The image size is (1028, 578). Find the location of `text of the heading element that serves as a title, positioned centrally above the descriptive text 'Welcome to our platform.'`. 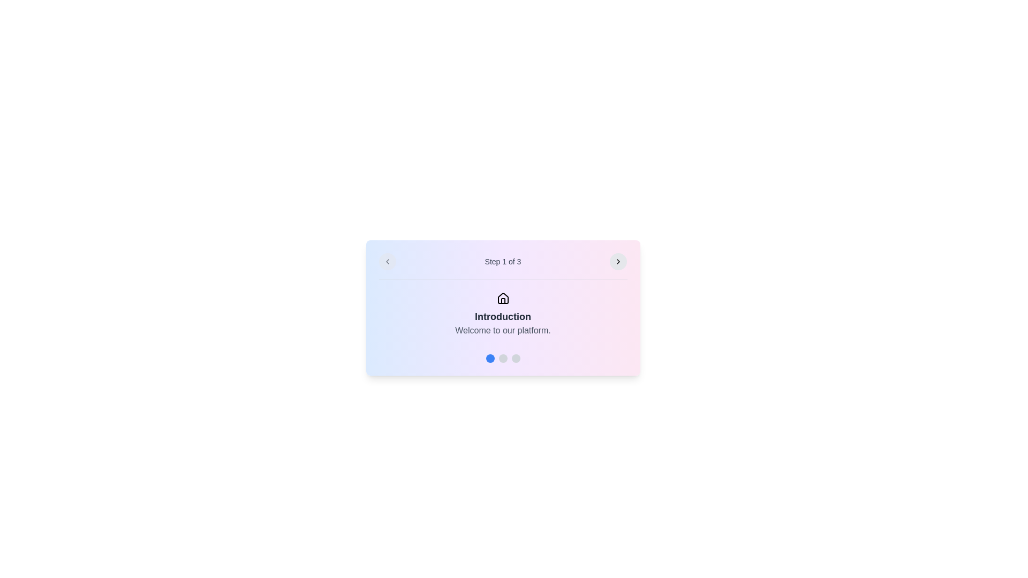

text of the heading element that serves as a title, positioned centrally above the descriptive text 'Welcome to our platform.' is located at coordinates (502, 316).